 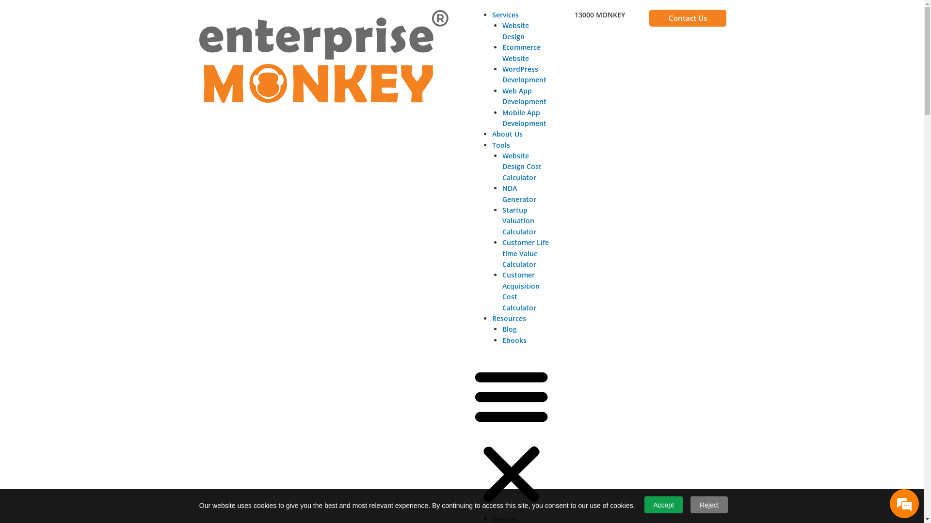 I want to click on 'Resources', so click(x=491, y=318).